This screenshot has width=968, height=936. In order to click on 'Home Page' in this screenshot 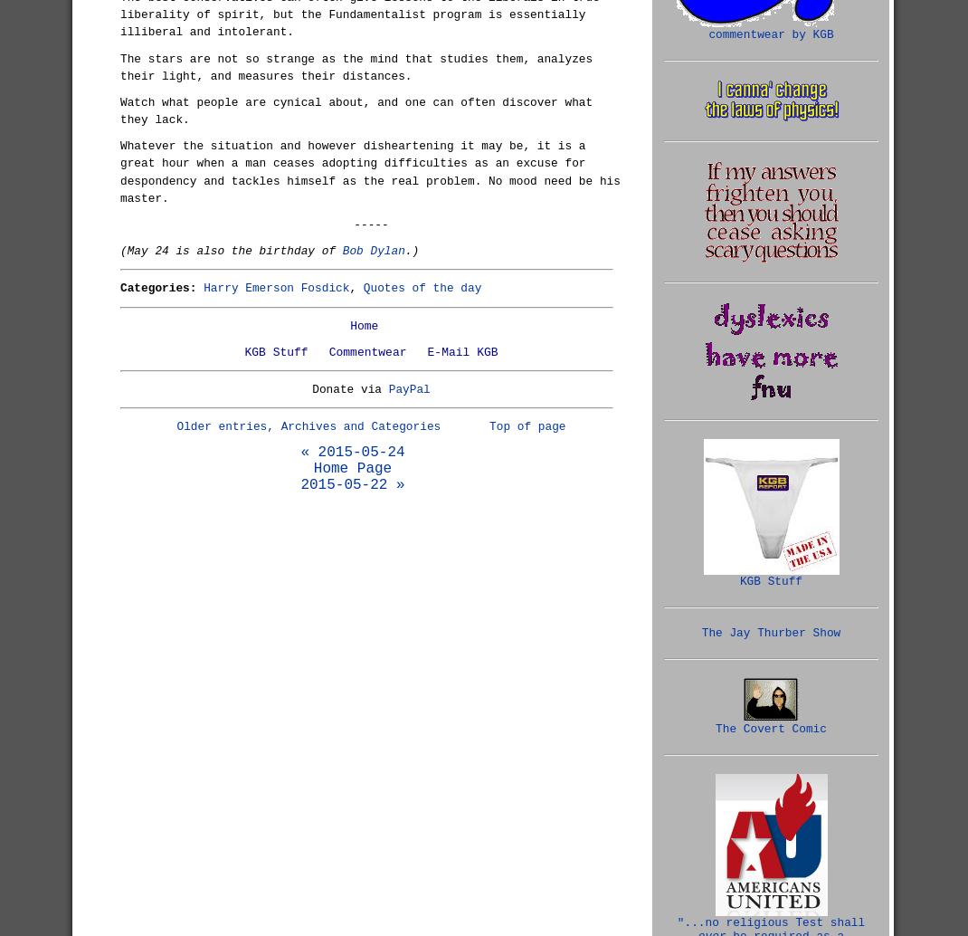, I will do `click(313, 469)`.